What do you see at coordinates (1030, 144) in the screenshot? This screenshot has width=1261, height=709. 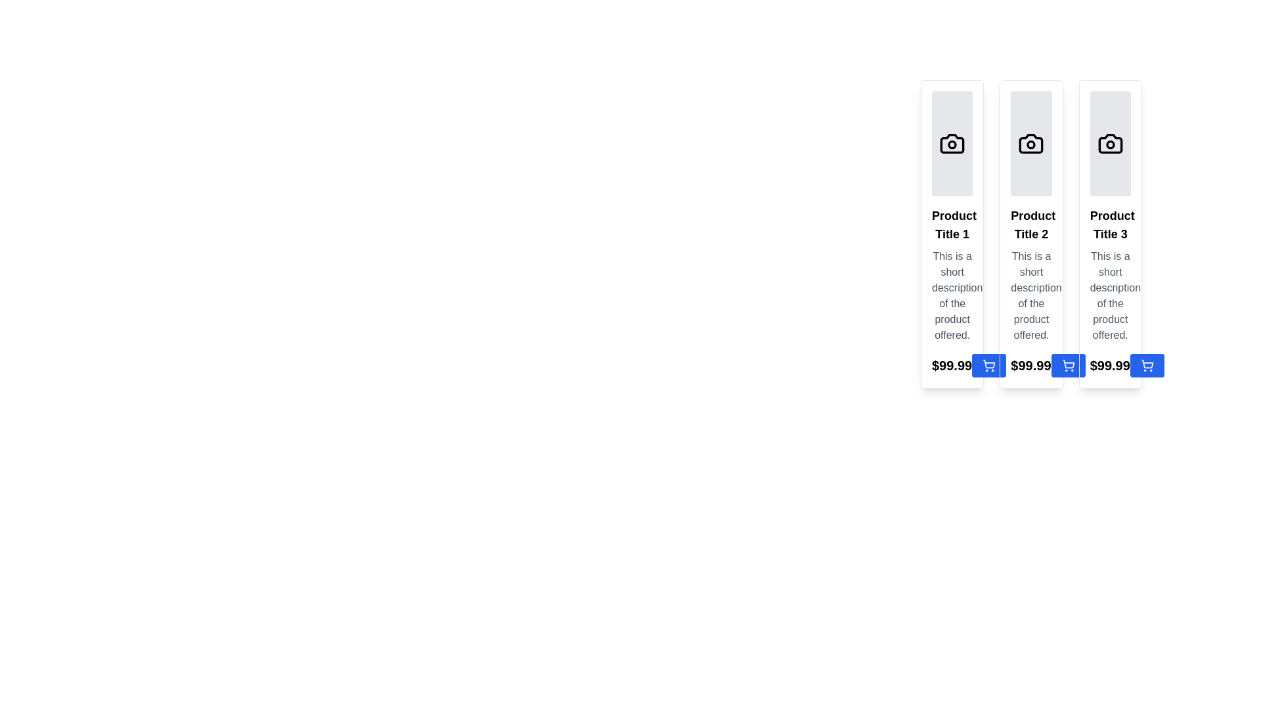 I see `the graphical placeholder element for 'Product Title 2', which serves as a visual placeholder or button for image upload or display` at bounding box center [1030, 144].